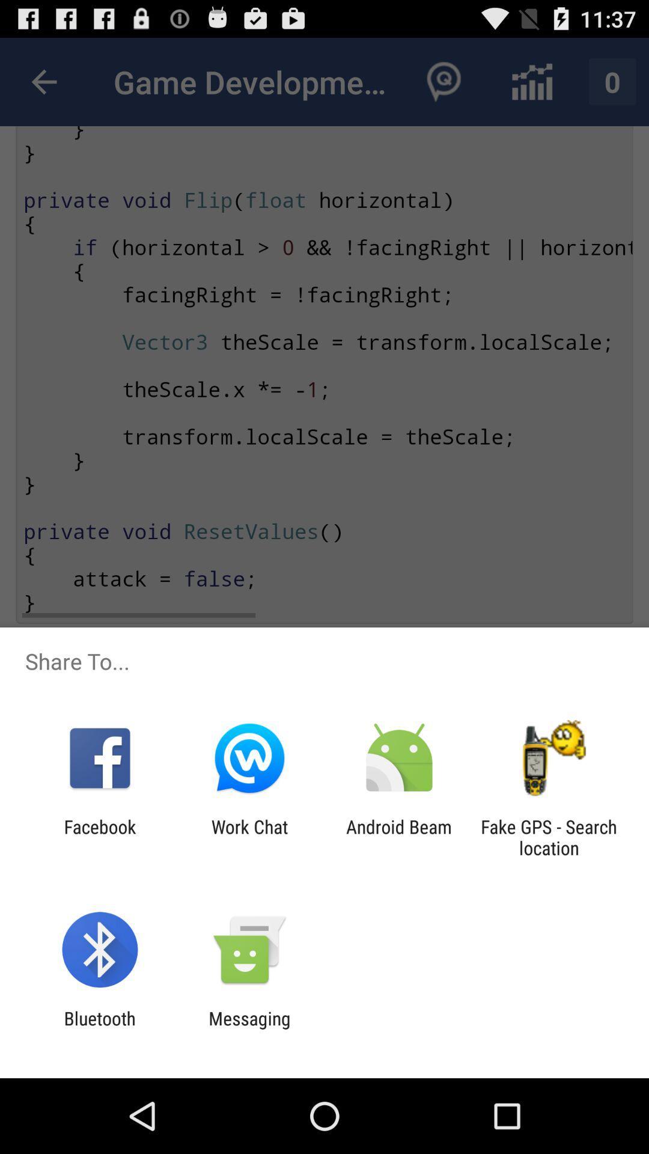 The image size is (649, 1154). Describe the element at coordinates (399, 837) in the screenshot. I see `the icon next to the work chat item` at that location.